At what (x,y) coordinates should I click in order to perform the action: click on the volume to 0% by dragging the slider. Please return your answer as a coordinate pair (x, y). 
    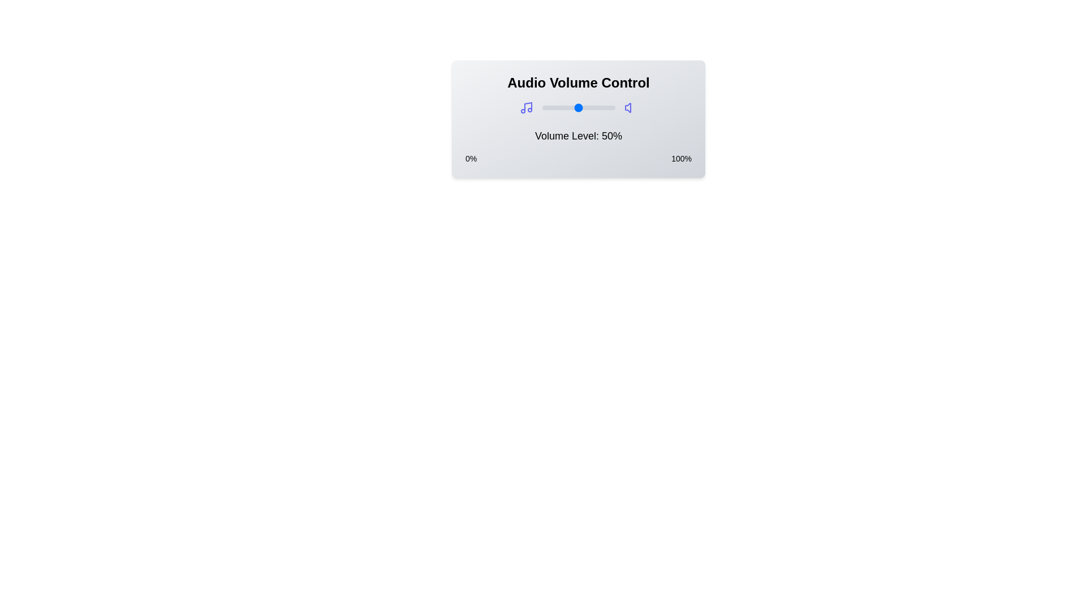
    Looking at the image, I should click on (541, 108).